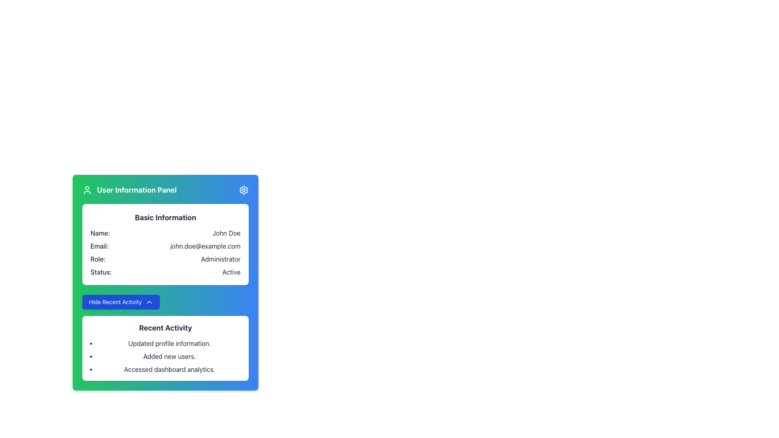 The height and width of the screenshot is (438, 779). What do you see at coordinates (205, 245) in the screenshot?
I see `the email address text display 'john.doe@example.com' located next to the label 'Email:' in the user information panel` at bounding box center [205, 245].